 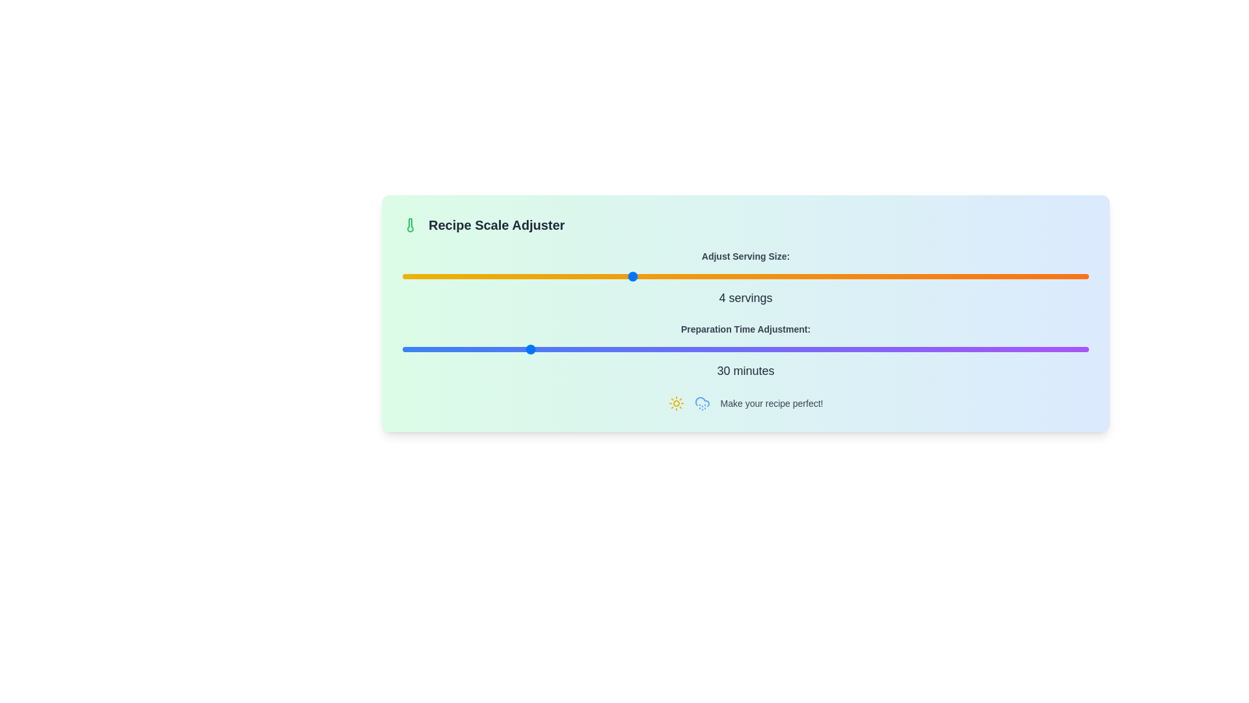 What do you see at coordinates (772, 403) in the screenshot?
I see `the non-interactive text label located at the end of a horizontal arrangement, positioned to the right of two icons in the lower section of the panel` at bounding box center [772, 403].